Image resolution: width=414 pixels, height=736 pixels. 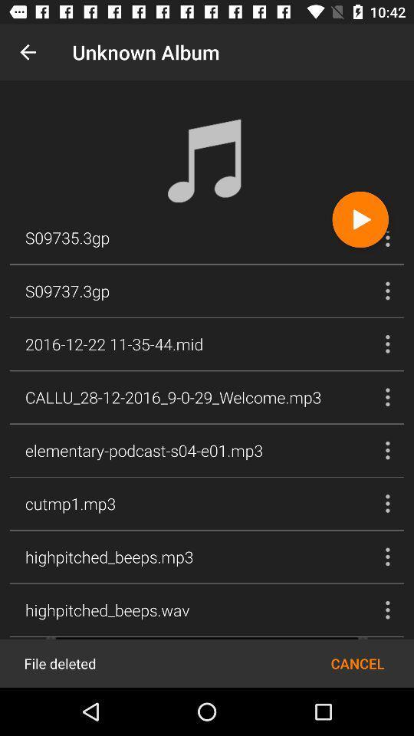 I want to click on cancel icon, so click(x=357, y=662).